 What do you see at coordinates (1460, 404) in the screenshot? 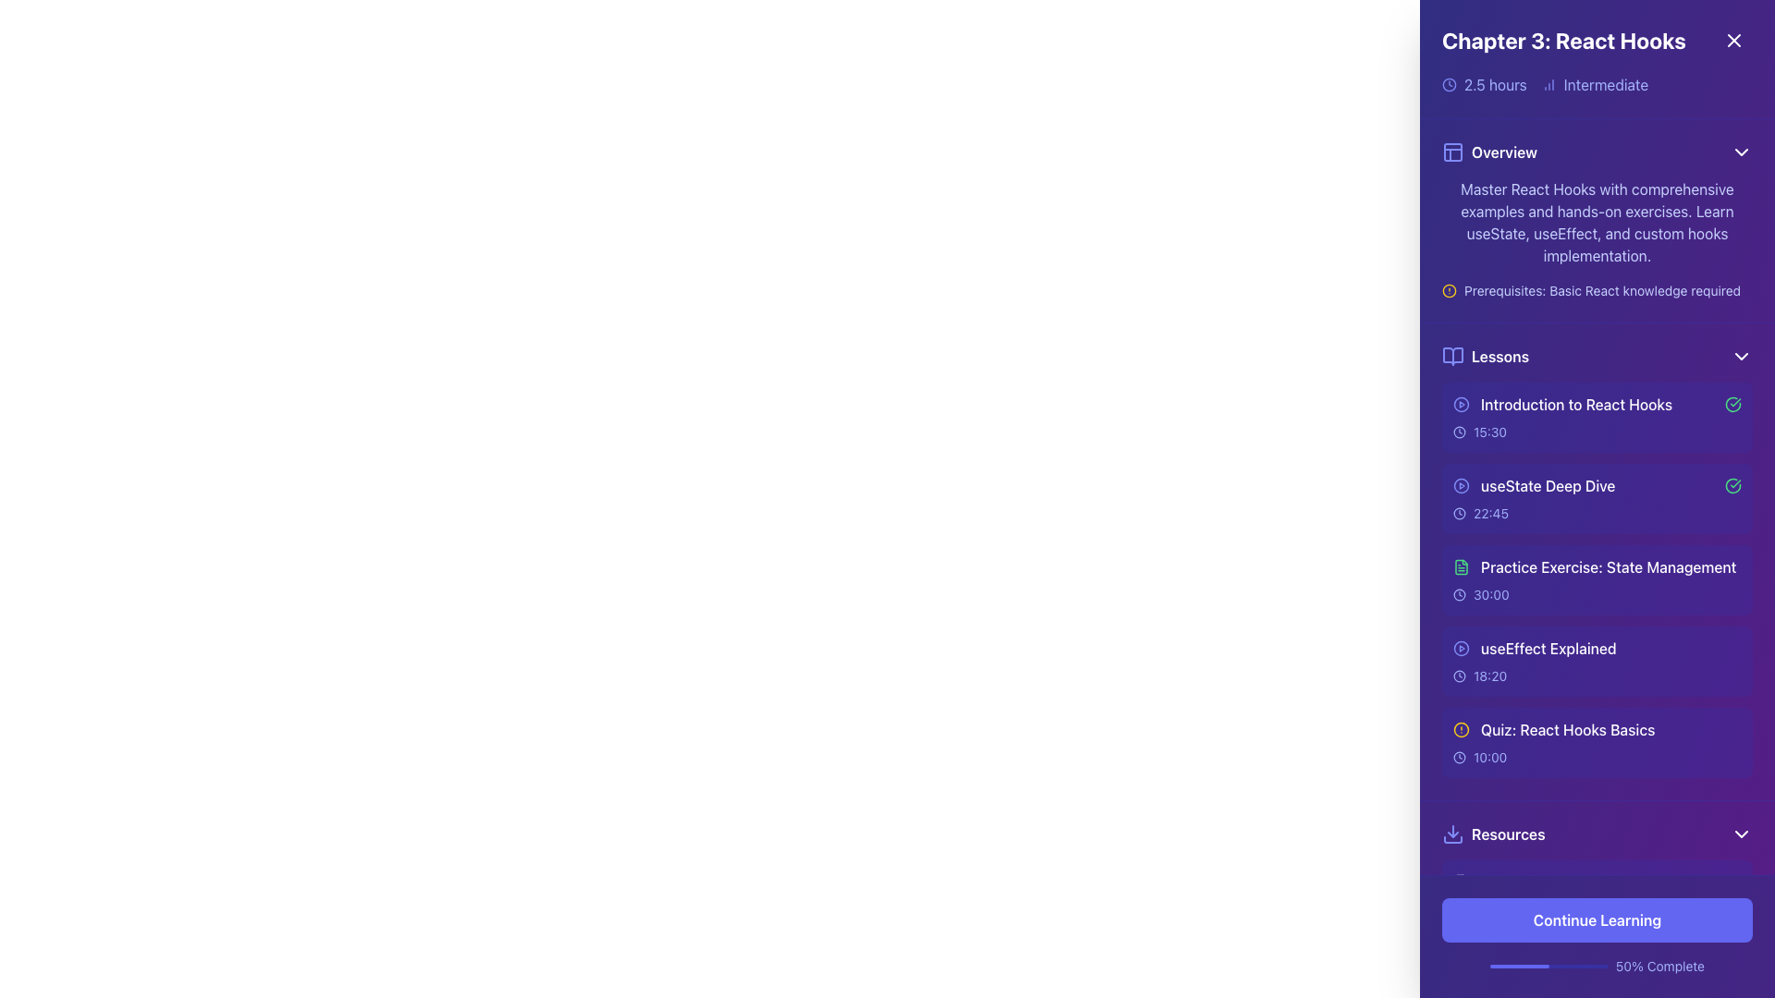
I see `the play button icon located to the left of the 'Introduction to React Hooks' lesson name to initiate the lesson video` at bounding box center [1460, 404].